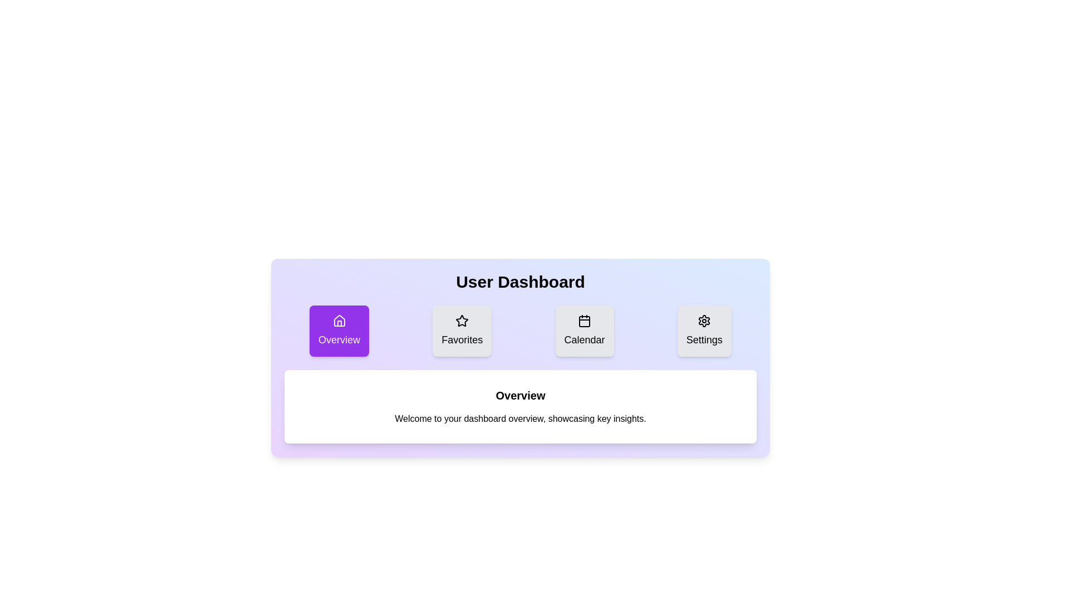 This screenshot has width=1069, height=601. What do you see at coordinates (339, 330) in the screenshot?
I see `the Overview tab to view its content` at bounding box center [339, 330].